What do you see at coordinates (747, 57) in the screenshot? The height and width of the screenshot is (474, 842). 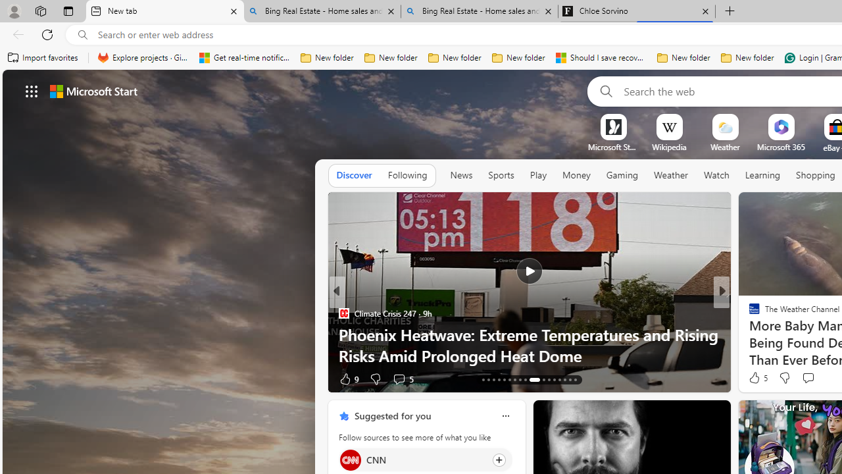 I see `'New folder'` at bounding box center [747, 57].